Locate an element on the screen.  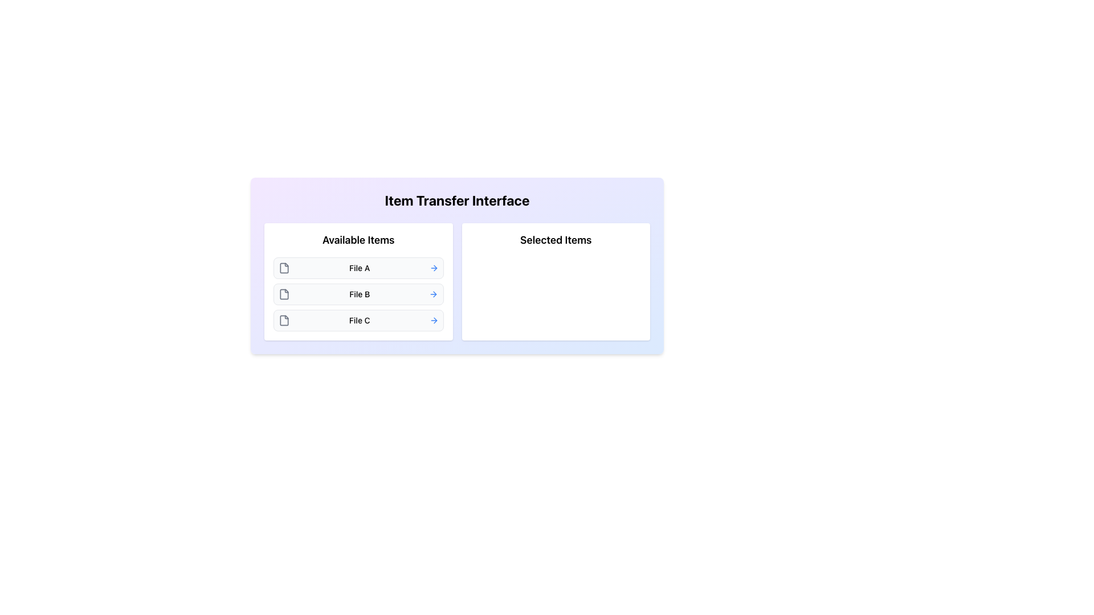
the Text Label that serves as a header for the section displaying selected items, located at the top-right of the interface is located at coordinates (556, 239).